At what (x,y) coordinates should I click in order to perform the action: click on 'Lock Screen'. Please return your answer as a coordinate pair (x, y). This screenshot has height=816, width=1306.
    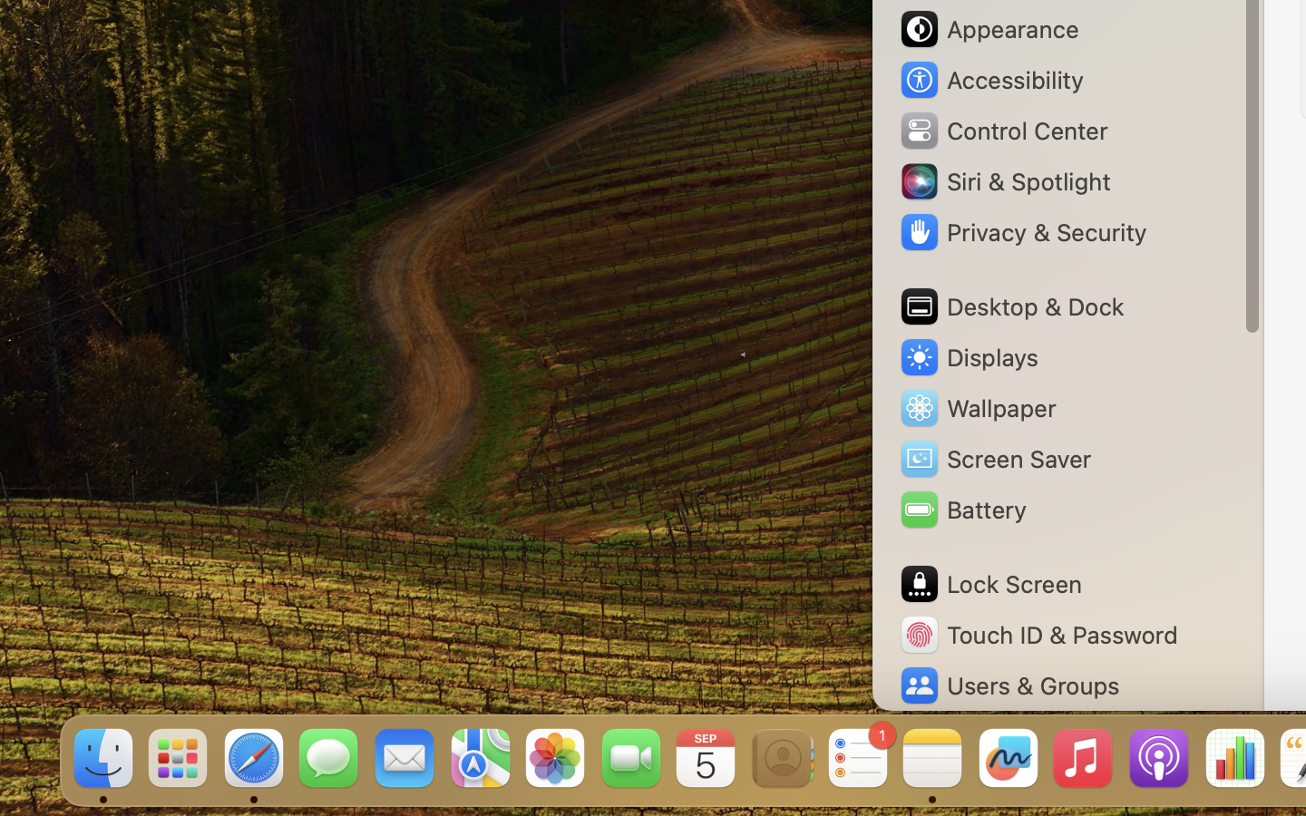
    Looking at the image, I should click on (989, 584).